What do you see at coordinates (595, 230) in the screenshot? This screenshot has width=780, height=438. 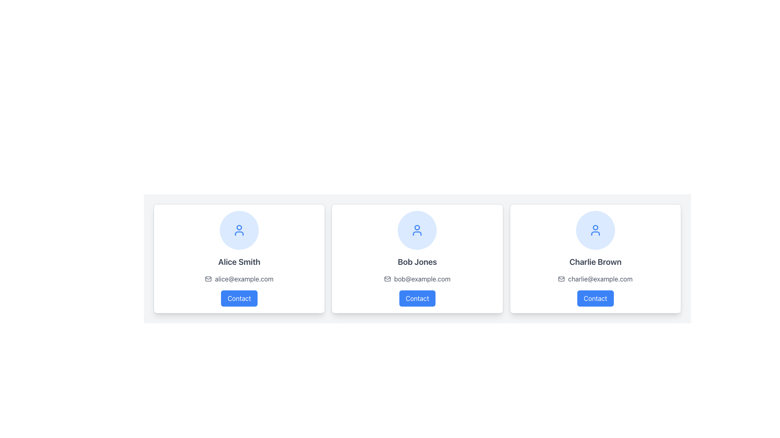 I see `the circular graphic icon with a light blue background and blue outline of a user figure, located at the top center of the card labeled 'Charlie Brown'` at bounding box center [595, 230].